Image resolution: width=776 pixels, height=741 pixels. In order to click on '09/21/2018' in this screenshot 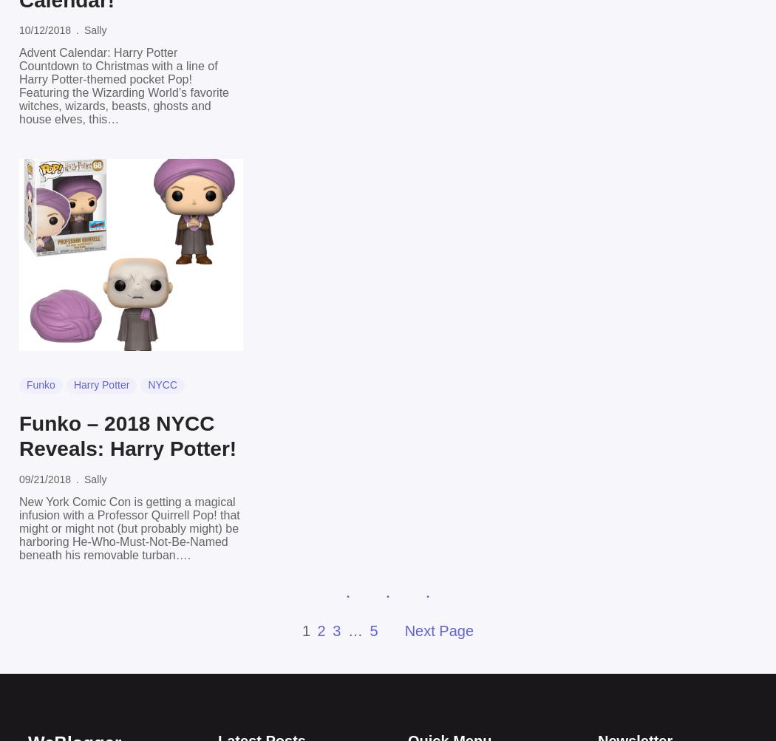, I will do `click(44, 479)`.